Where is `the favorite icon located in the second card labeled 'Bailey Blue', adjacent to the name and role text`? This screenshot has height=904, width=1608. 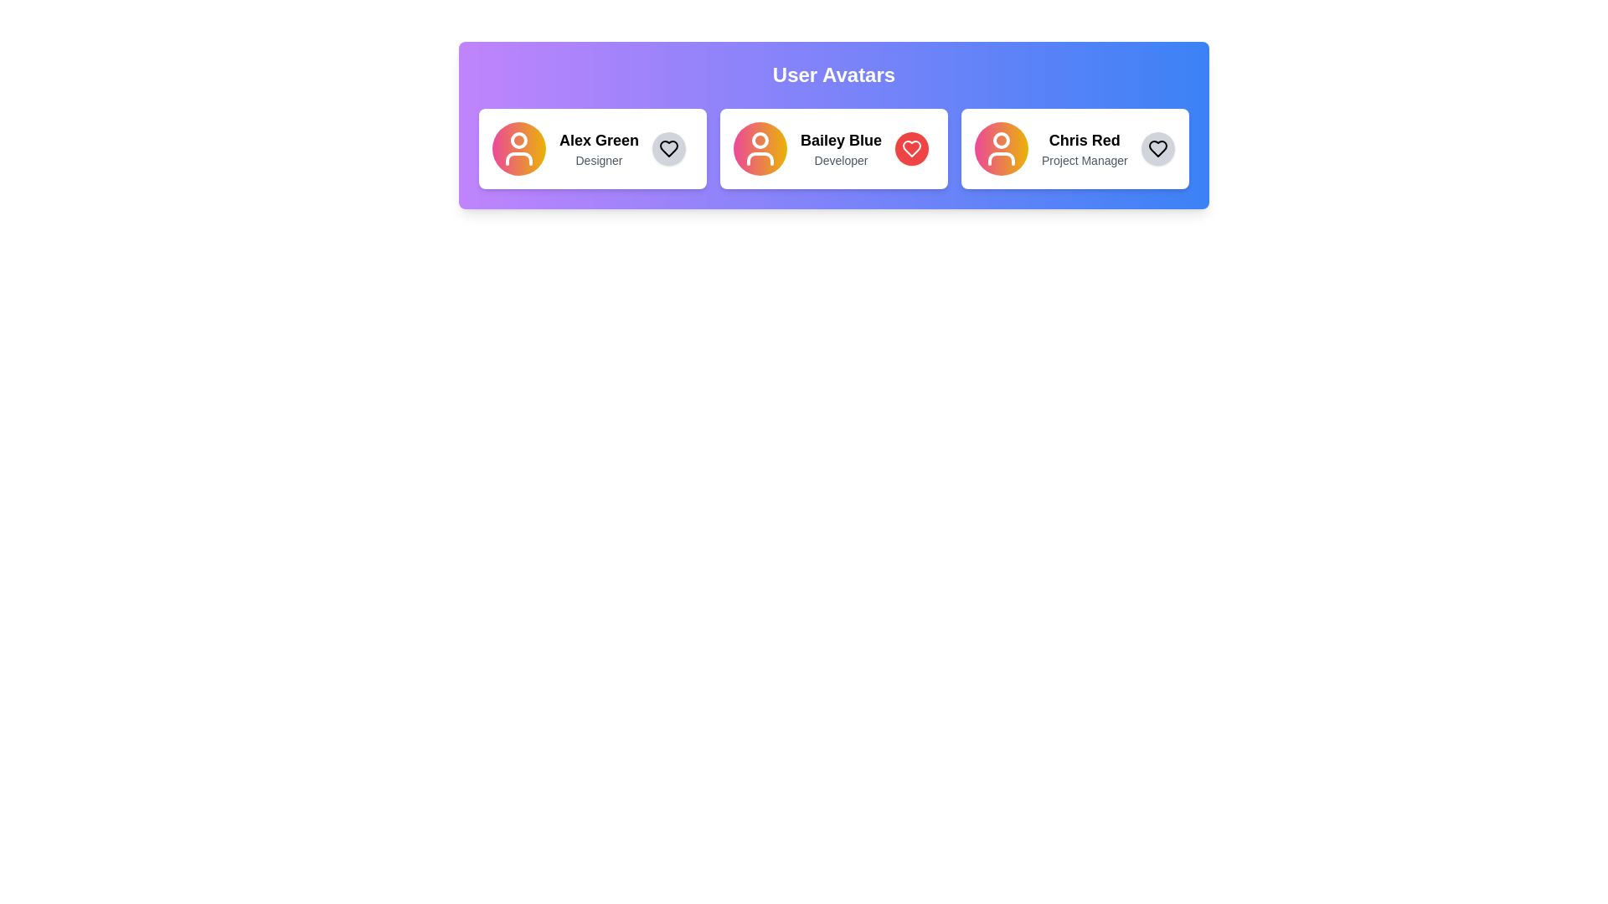 the favorite icon located in the second card labeled 'Bailey Blue', adjacent to the name and role text is located at coordinates (911, 147).